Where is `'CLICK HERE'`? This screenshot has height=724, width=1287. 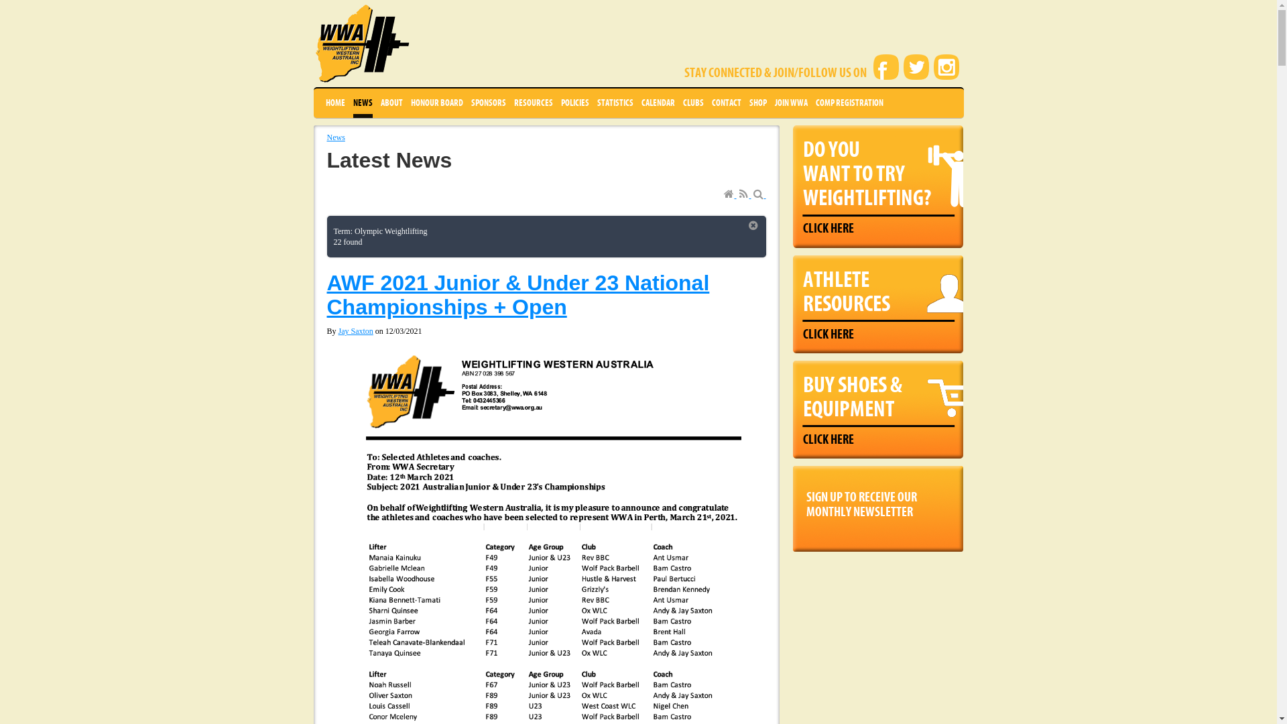
'CLICK HERE' is located at coordinates (828, 227).